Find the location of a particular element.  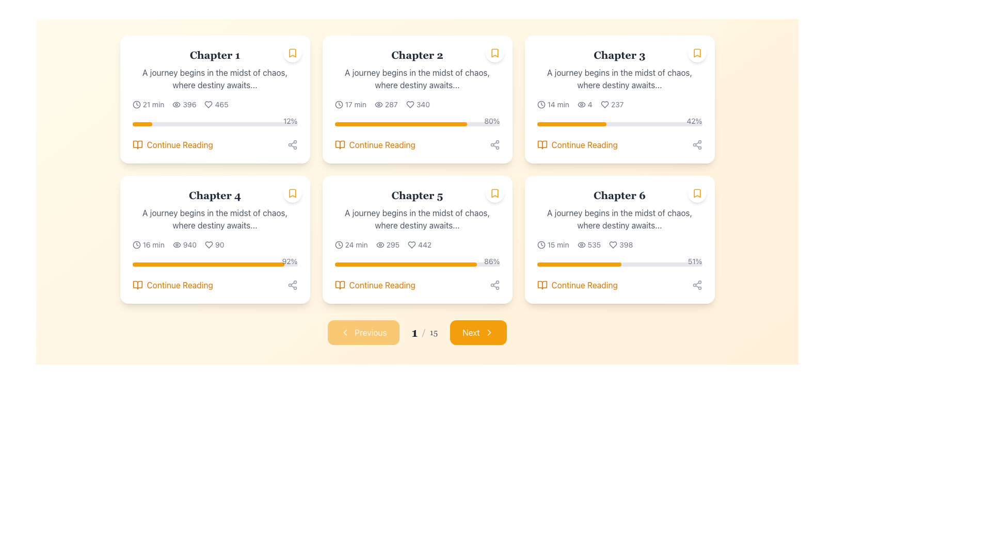

the Header text element displaying 'Chapter 1' with a subtitle in a white card, located at the top-left corner of the grid of six cards is located at coordinates (214, 70).